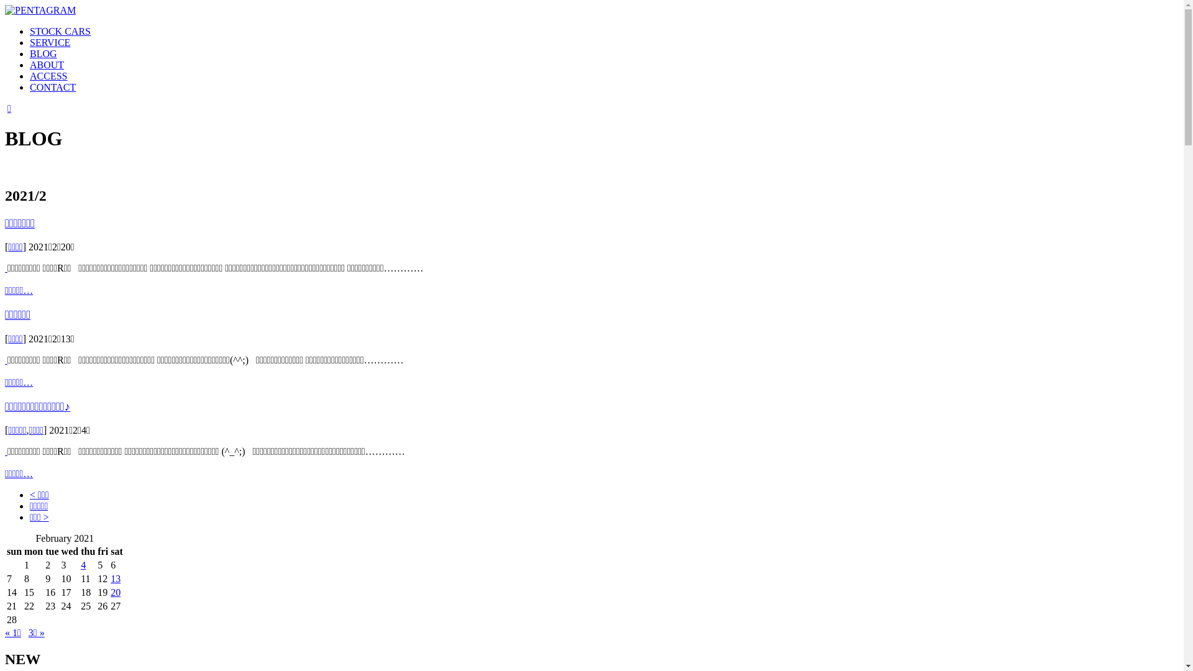 The height and width of the screenshot is (671, 1193). Describe the element at coordinates (43, 53) in the screenshot. I see `'BLOG'` at that location.